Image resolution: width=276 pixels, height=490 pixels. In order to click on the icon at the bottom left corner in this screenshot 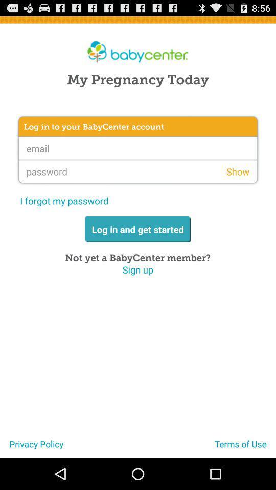, I will do `click(32, 447)`.